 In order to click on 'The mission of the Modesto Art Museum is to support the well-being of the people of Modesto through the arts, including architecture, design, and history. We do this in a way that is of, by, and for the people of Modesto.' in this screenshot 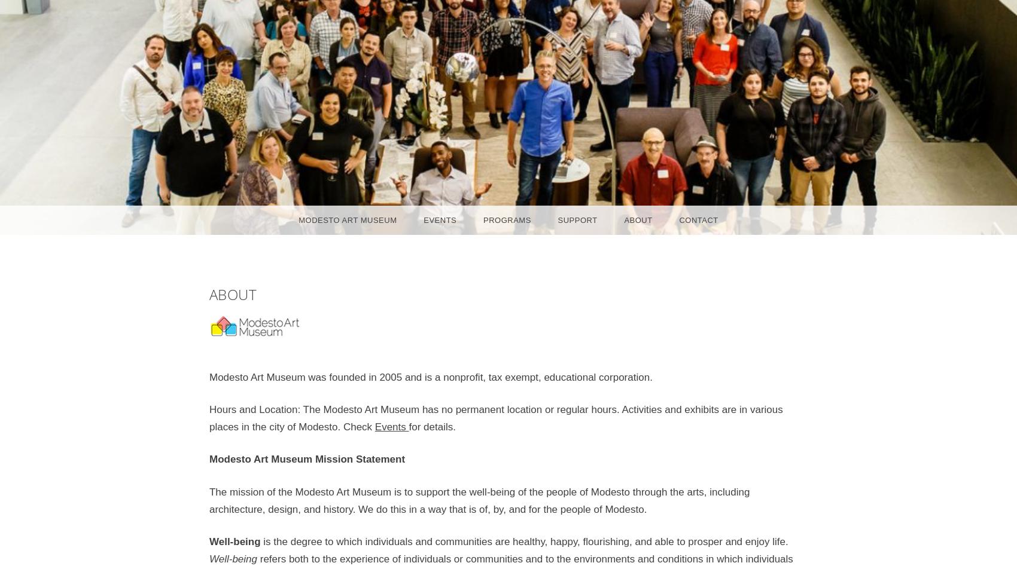, I will do `click(208, 499)`.